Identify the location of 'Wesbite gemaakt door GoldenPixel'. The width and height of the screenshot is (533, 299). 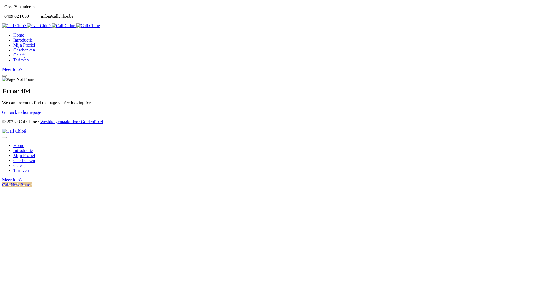
(71, 121).